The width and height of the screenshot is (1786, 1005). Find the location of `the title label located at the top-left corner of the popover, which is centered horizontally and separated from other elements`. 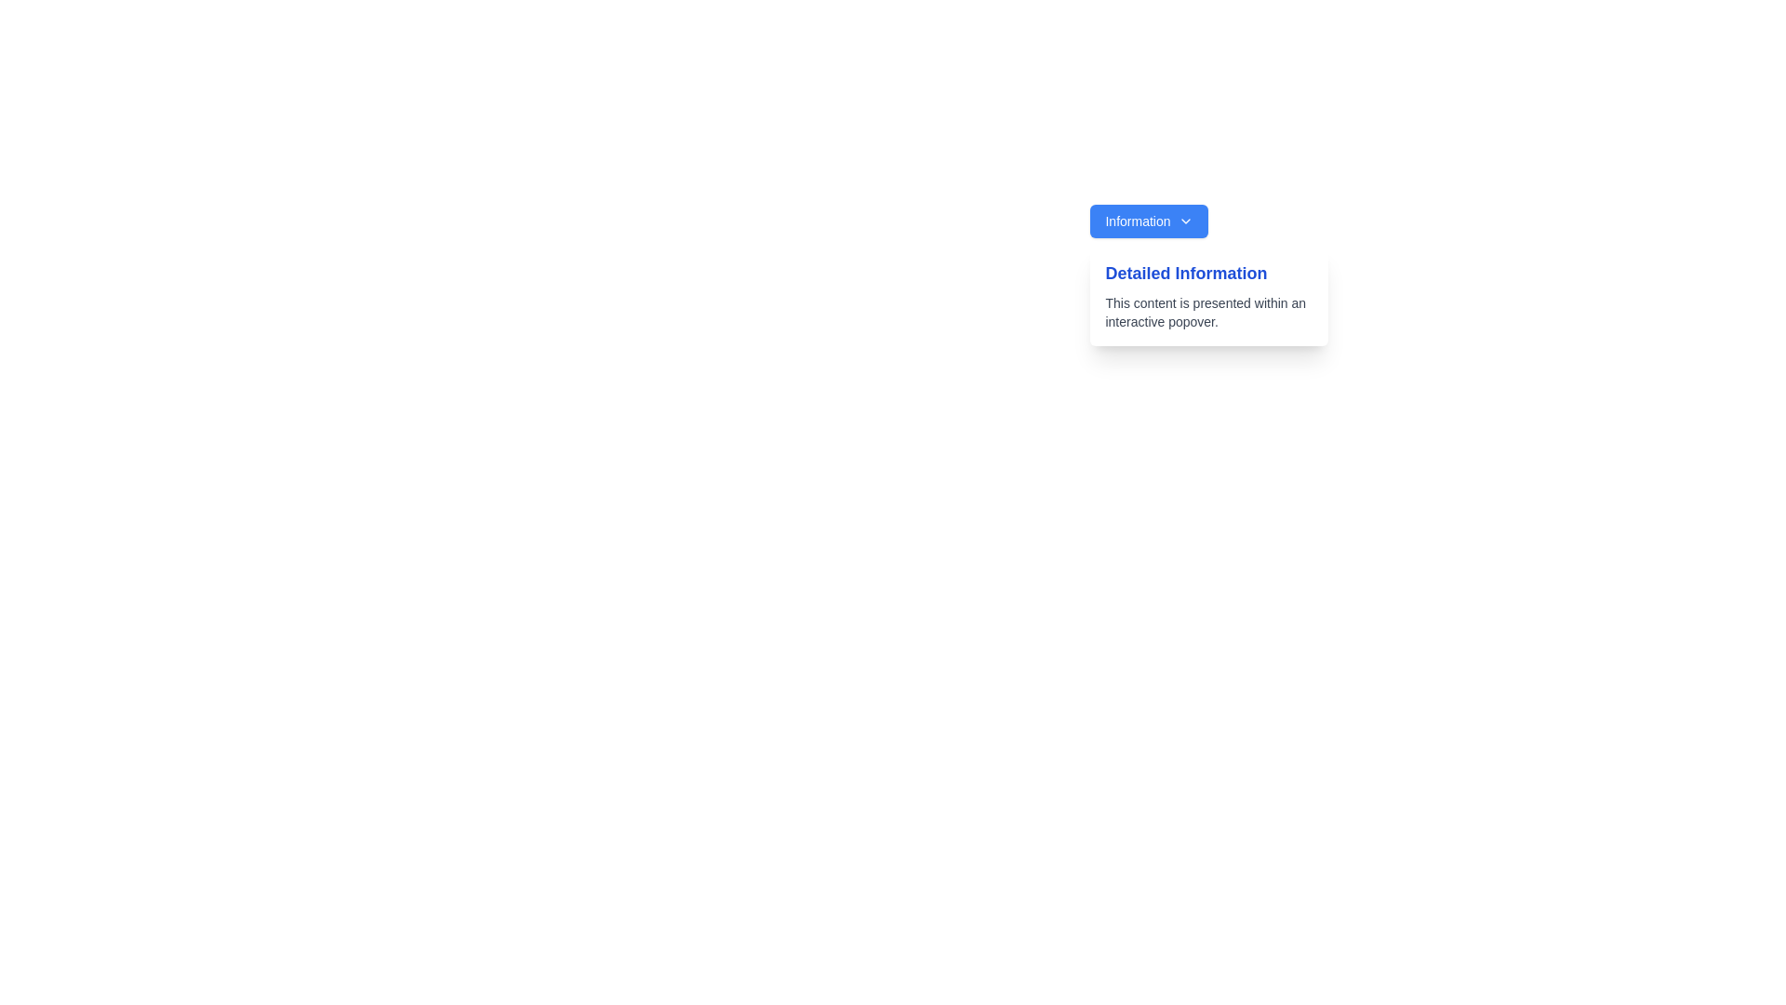

the title label located at the top-left corner of the popover, which is centered horizontally and separated from other elements is located at coordinates (1209, 273).